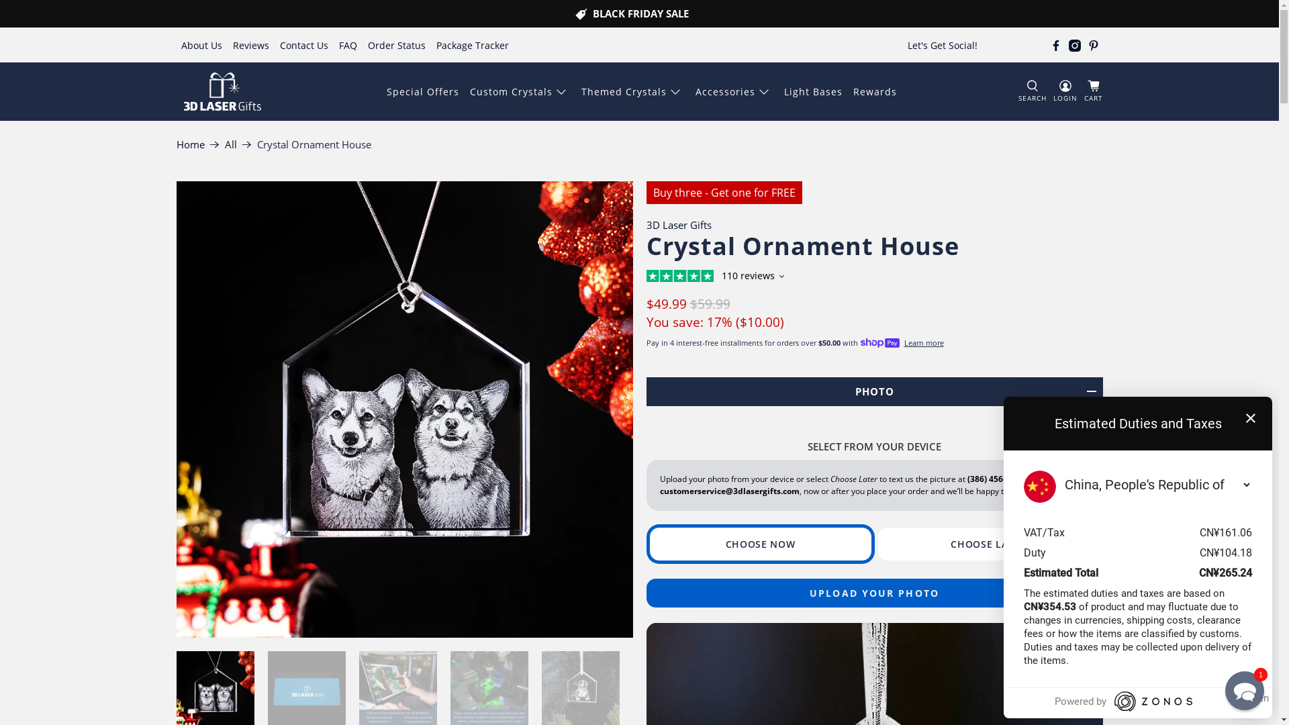 The width and height of the screenshot is (1289, 725). Describe the element at coordinates (473, 44) in the screenshot. I see `'Package Tracker'` at that location.